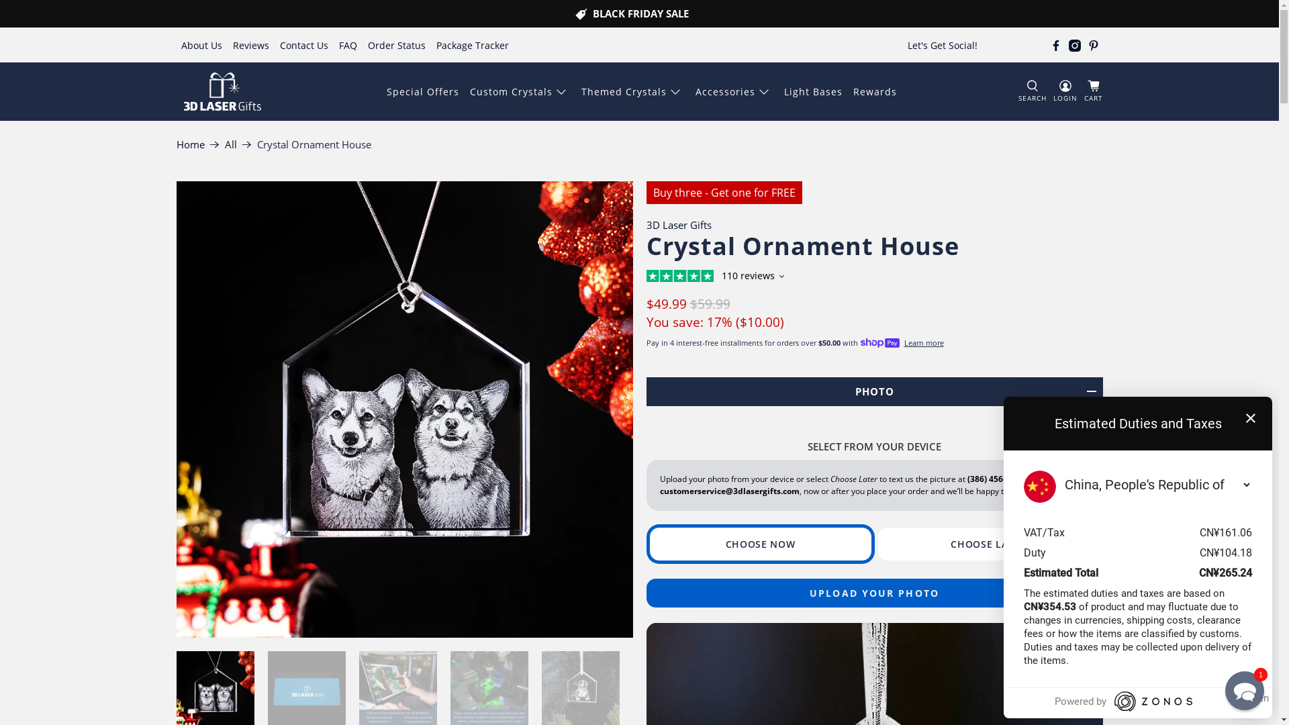 The width and height of the screenshot is (1289, 725). Describe the element at coordinates (473, 44) in the screenshot. I see `'Package Tracker'` at that location.